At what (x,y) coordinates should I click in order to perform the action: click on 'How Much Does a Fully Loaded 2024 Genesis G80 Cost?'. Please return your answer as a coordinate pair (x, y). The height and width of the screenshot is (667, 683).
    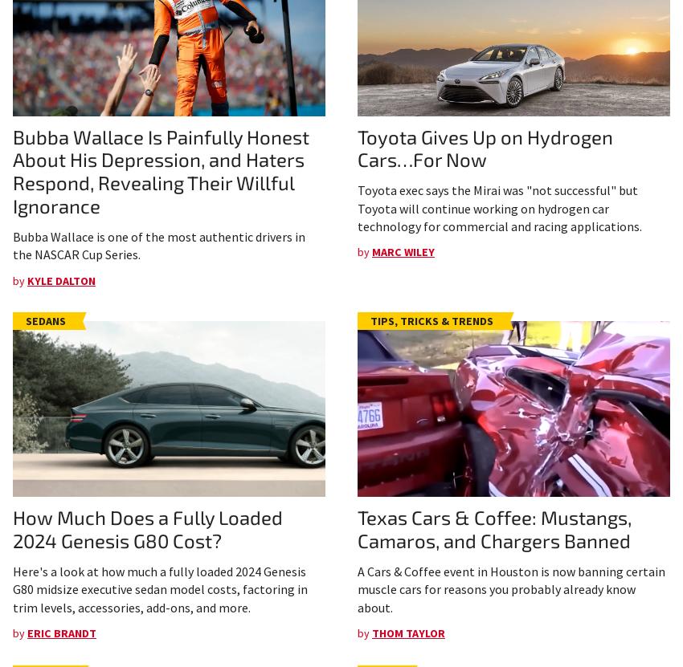
    Looking at the image, I should click on (147, 528).